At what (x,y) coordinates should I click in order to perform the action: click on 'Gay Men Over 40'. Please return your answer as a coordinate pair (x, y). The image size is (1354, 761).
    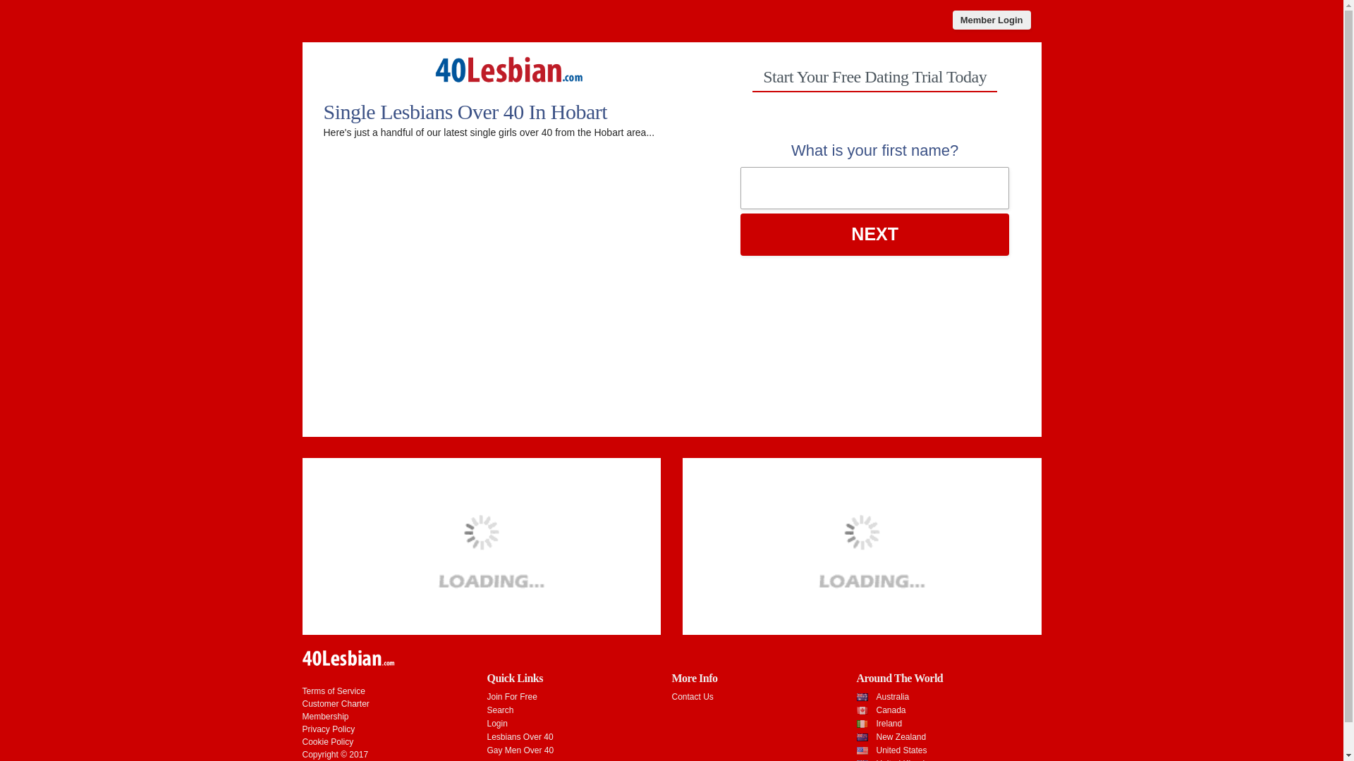
    Looking at the image, I should click on (519, 749).